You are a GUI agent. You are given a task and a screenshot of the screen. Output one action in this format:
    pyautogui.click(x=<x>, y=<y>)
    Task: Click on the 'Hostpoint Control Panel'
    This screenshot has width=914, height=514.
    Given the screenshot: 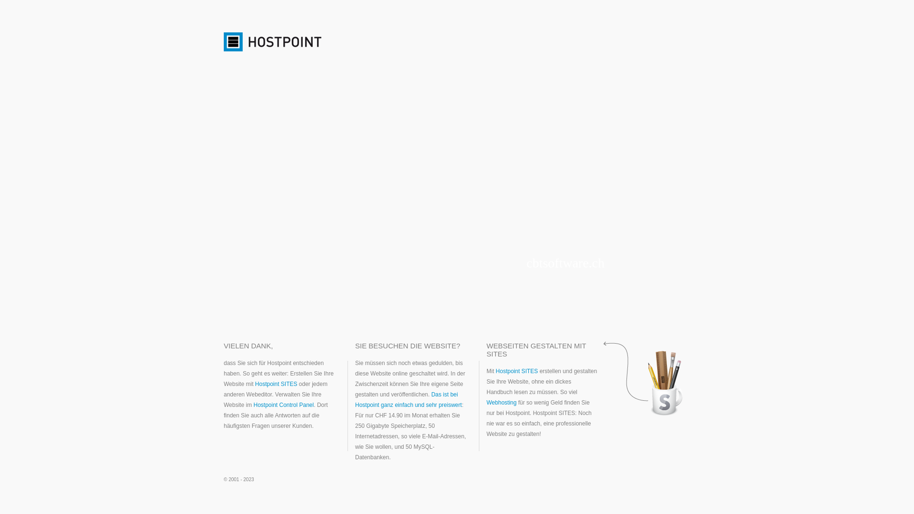 What is the action you would take?
    pyautogui.click(x=283, y=405)
    